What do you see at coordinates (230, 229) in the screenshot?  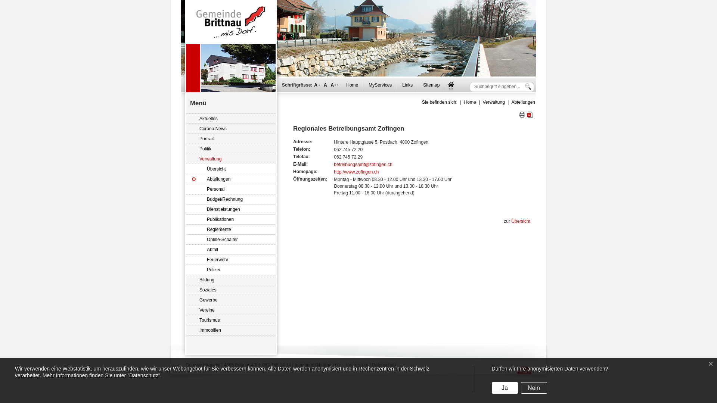 I see `'Reglemente'` at bounding box center [230, 229].